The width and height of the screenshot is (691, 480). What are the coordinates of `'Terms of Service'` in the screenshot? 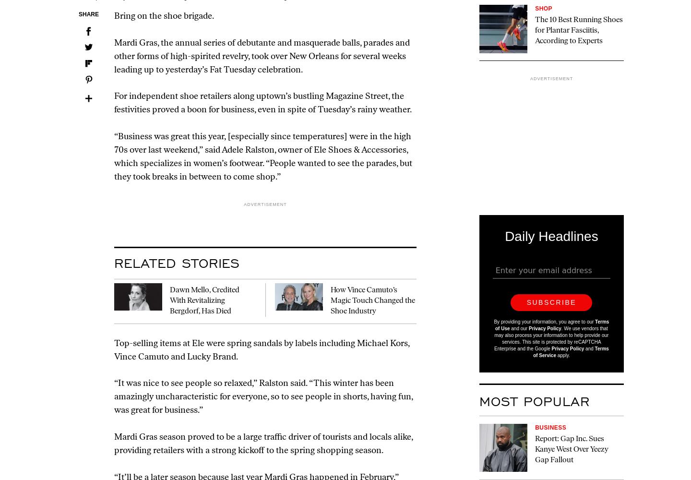 It's located at (571, 351).